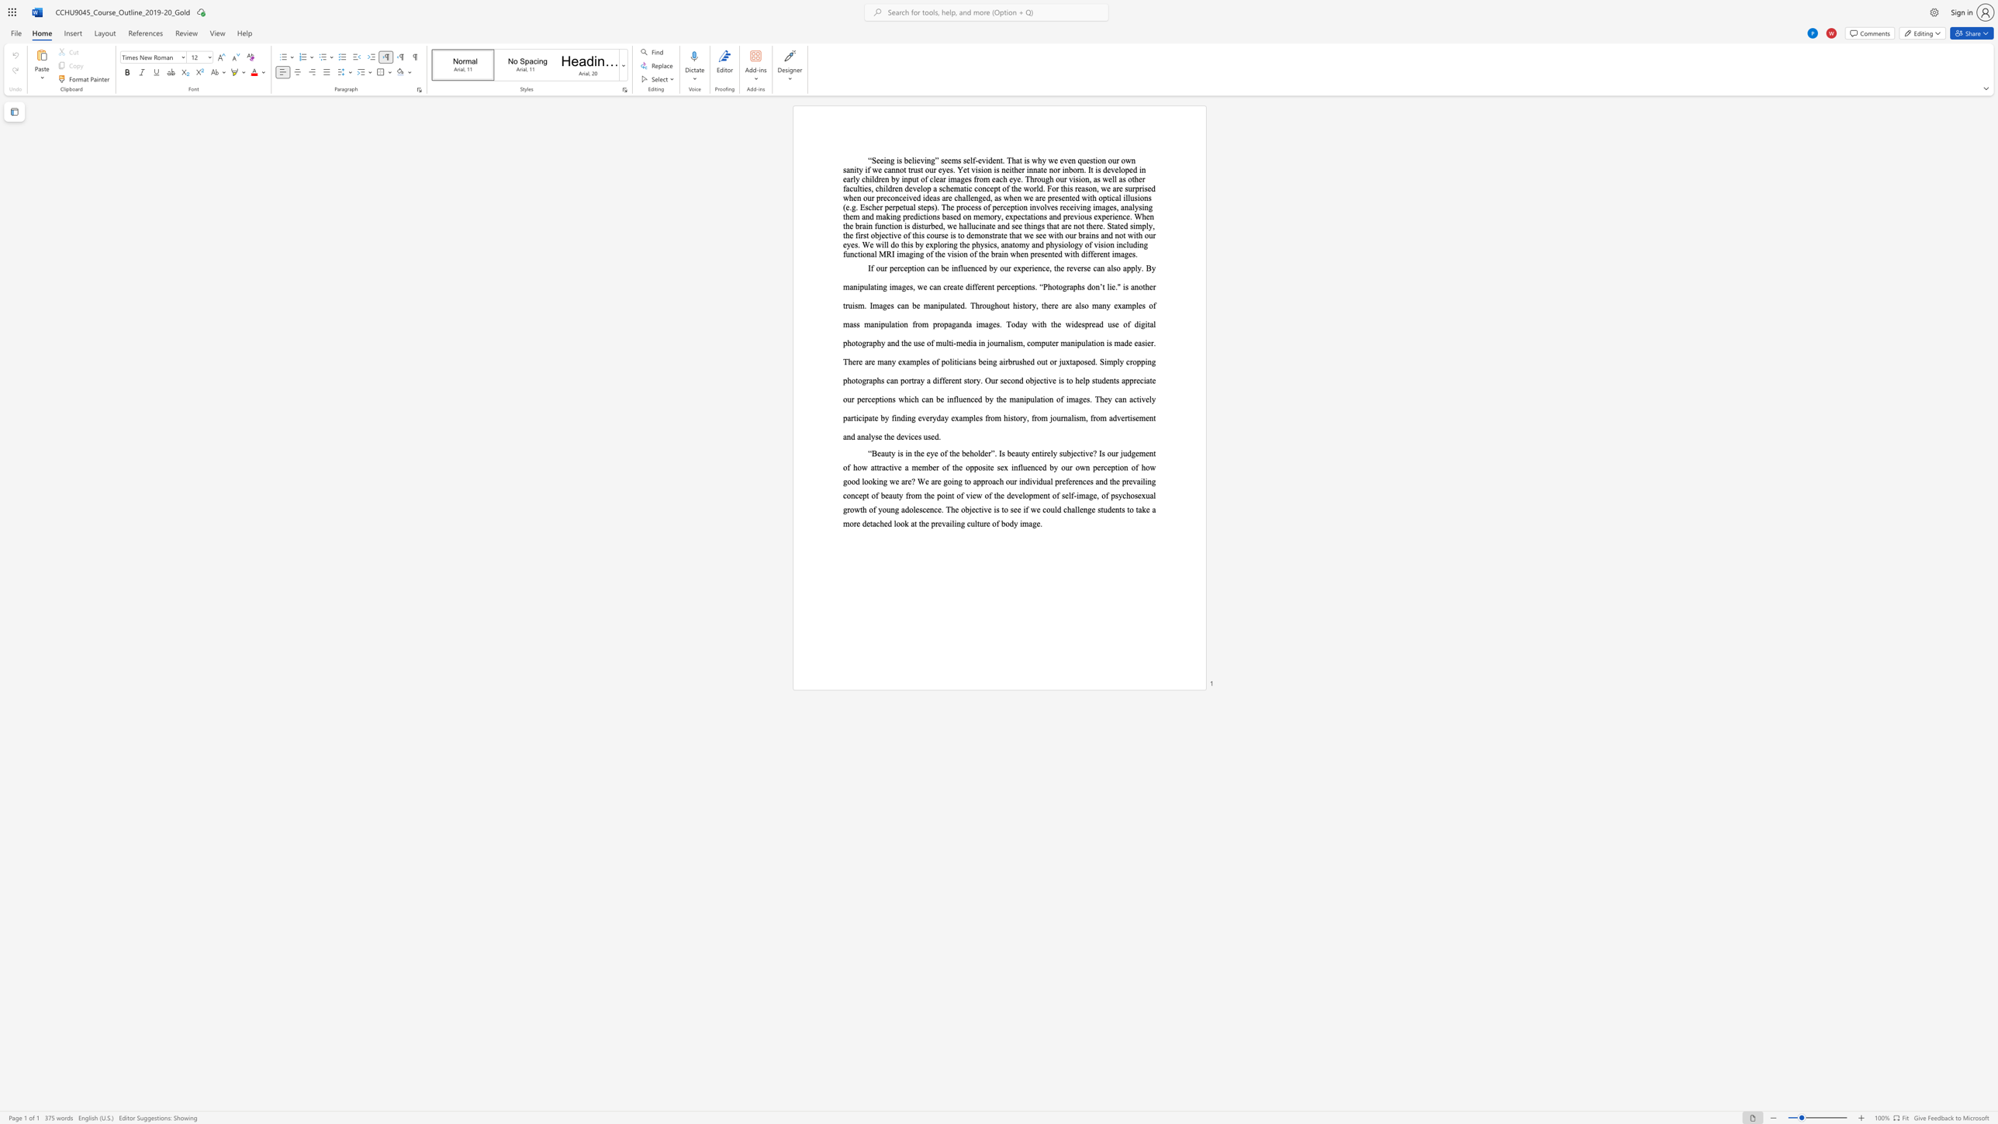  Describe the element at coordinates (959, 306) in the screenshot. I see `the subset text "d. Throughout history, there are also many examples of mass manipulation from propaganda images. Today with the widespread use of digital photography and the use of multi-media in journalism, compu" within the text "If our perception can be influenced by our experience, the reverse can also apply. By manipulating images, we can create different perceptions. “Photographs don’t lie."` at that location.